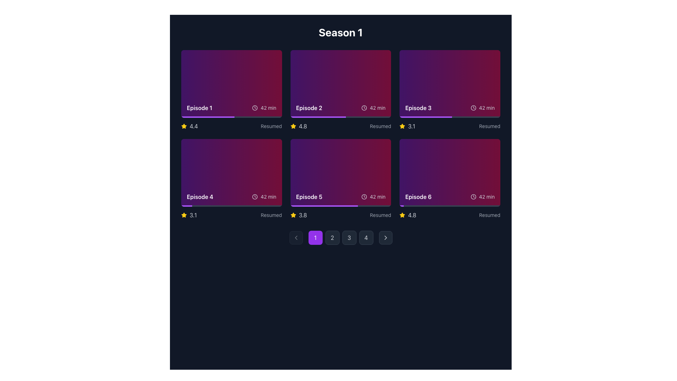  Describe the element at coordinates (450, 108) in the screenshot. I see `the icon associated with the title 'Episode 3' in the Informational section, which also displays the duration '42 min' on a gradient background` at that location.